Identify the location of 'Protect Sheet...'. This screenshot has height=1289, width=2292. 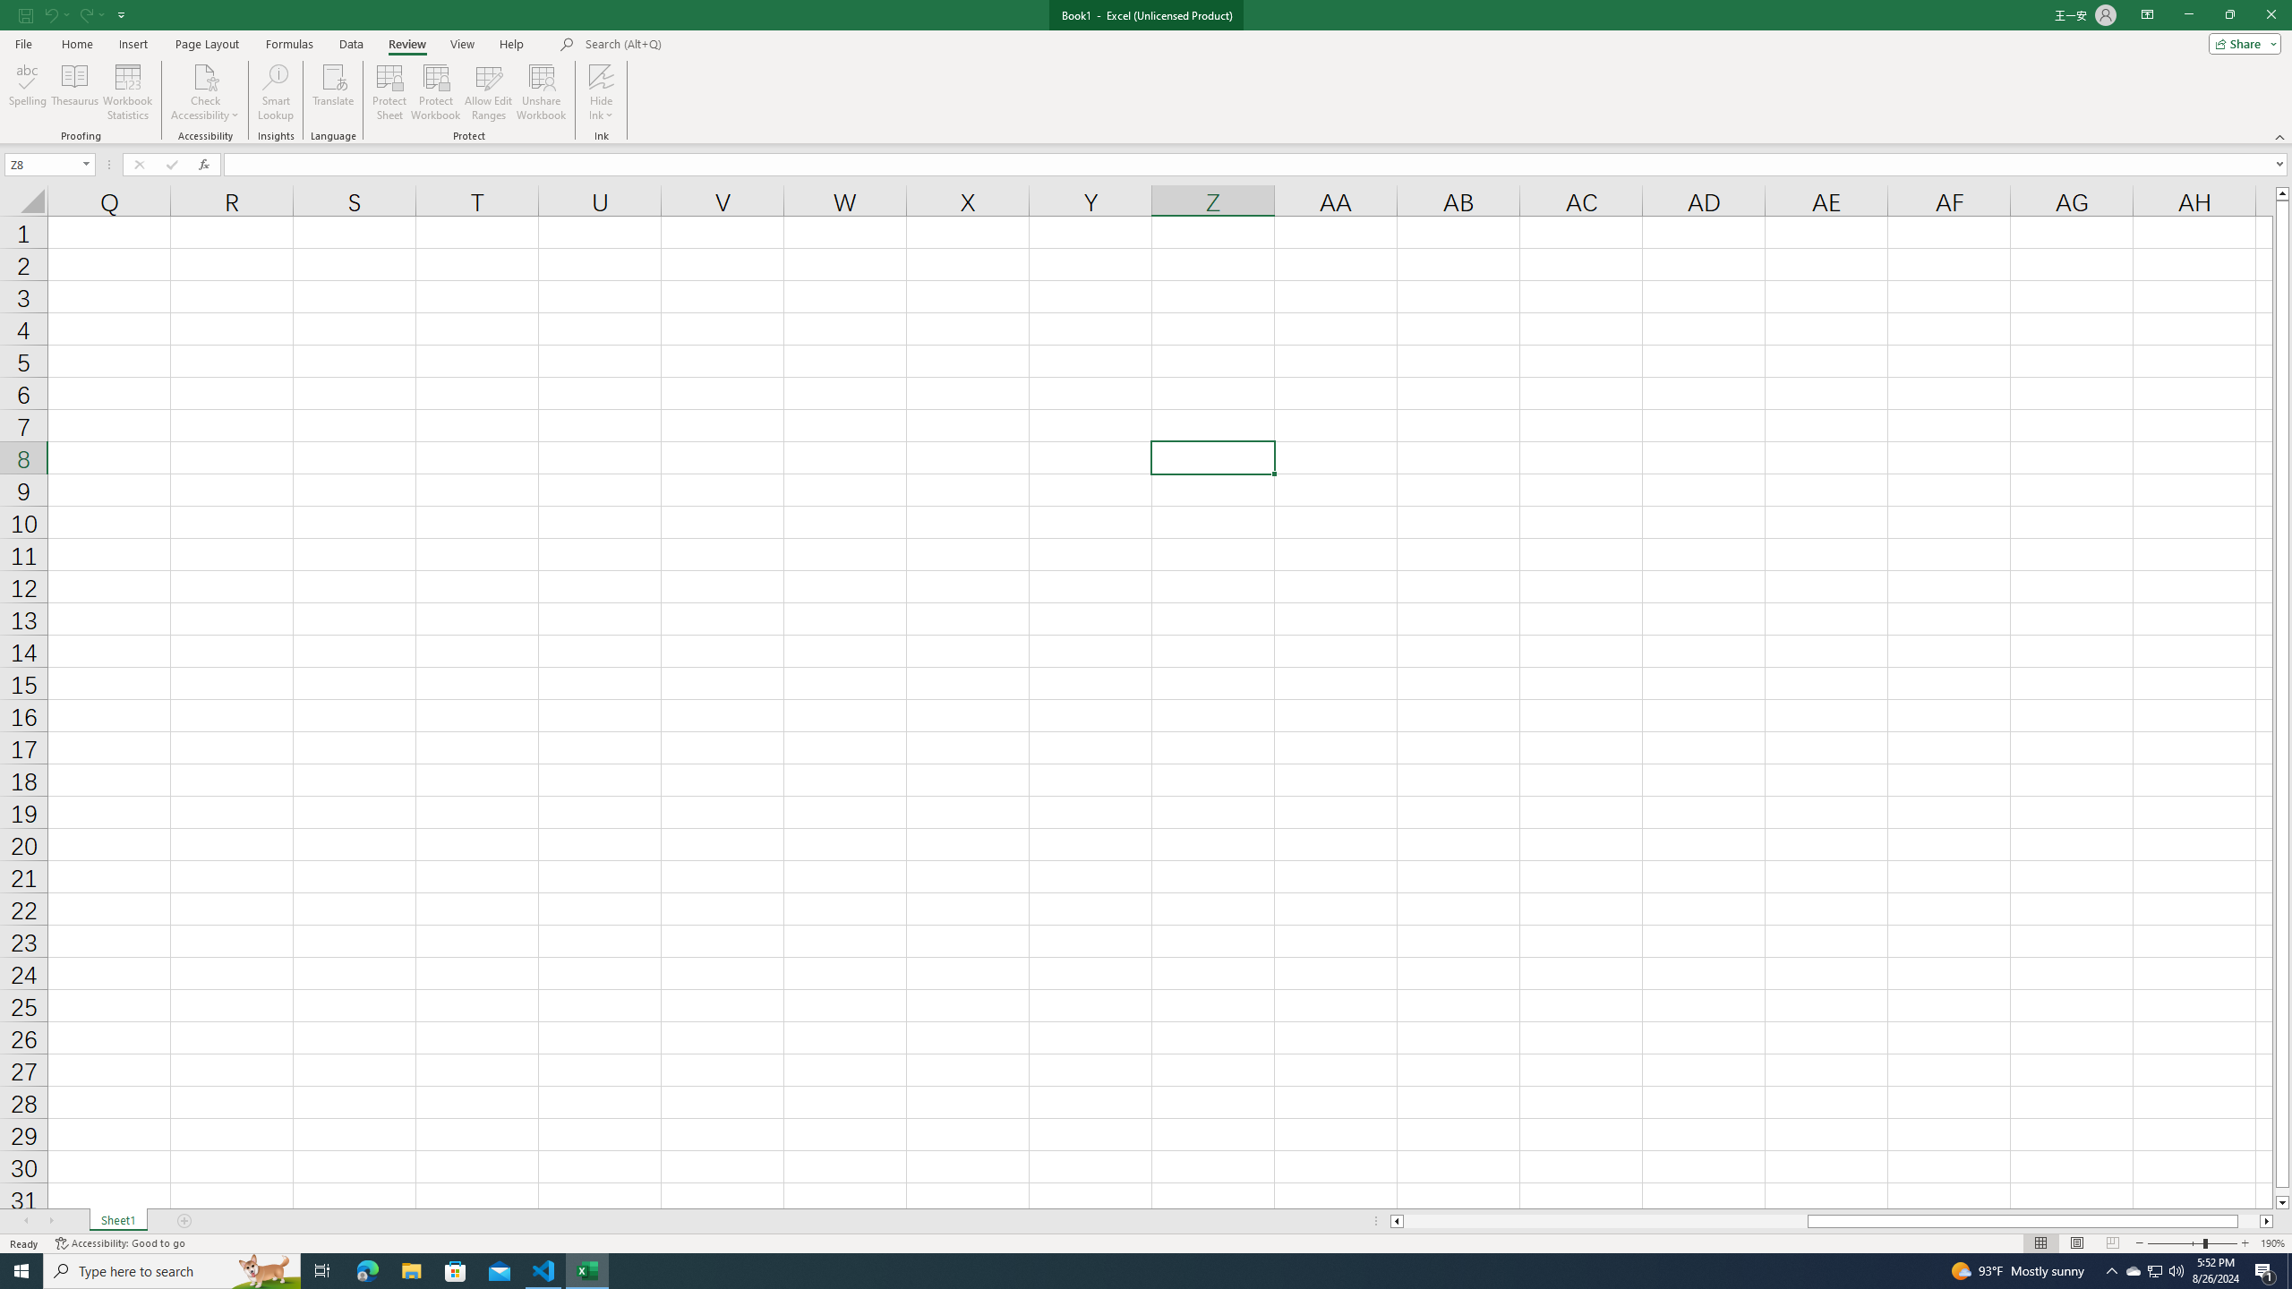
(390, 92).